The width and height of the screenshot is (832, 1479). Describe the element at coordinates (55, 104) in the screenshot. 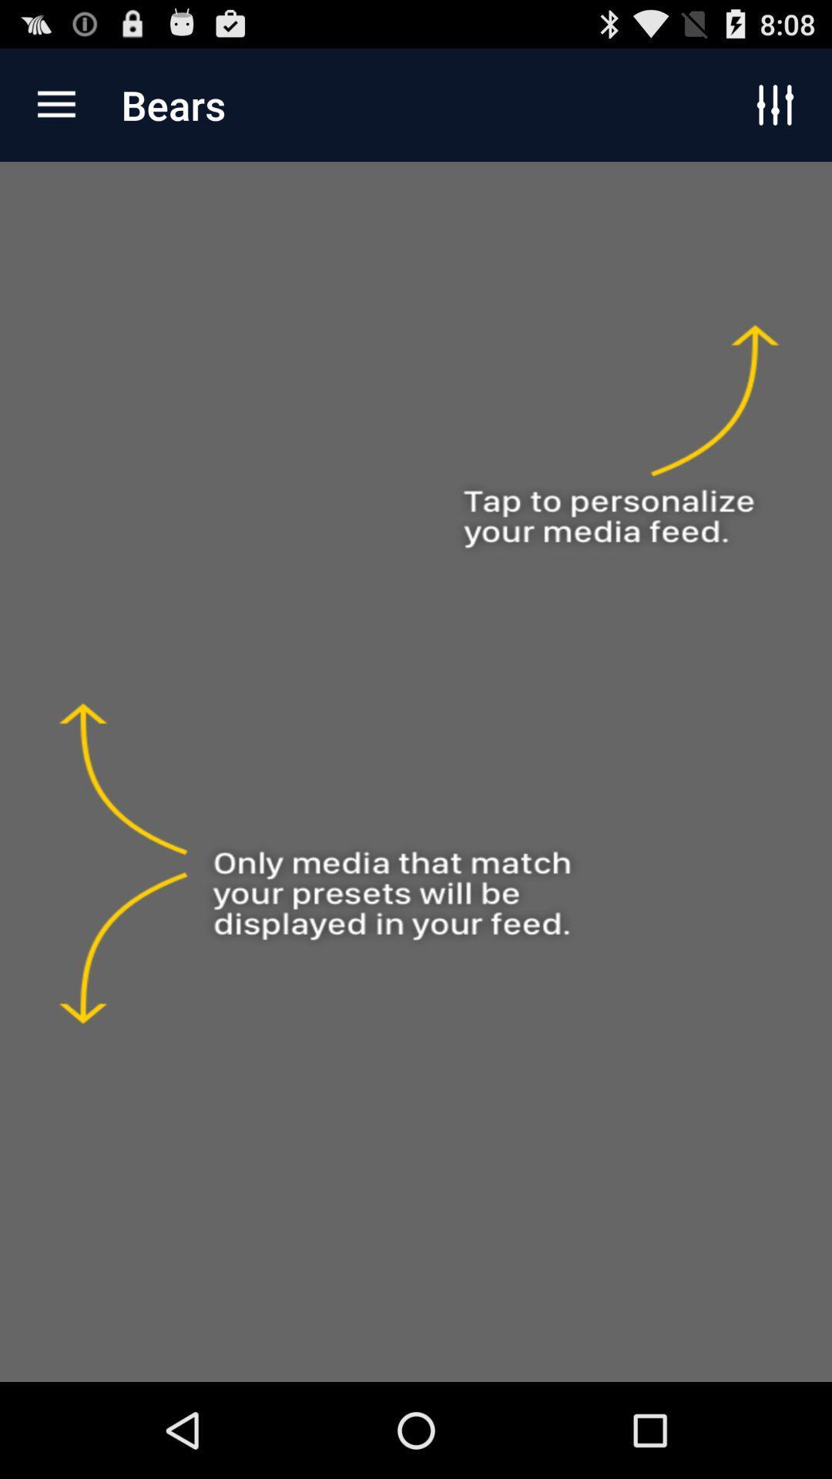

I see `the app to the left of the bears item` at that location.